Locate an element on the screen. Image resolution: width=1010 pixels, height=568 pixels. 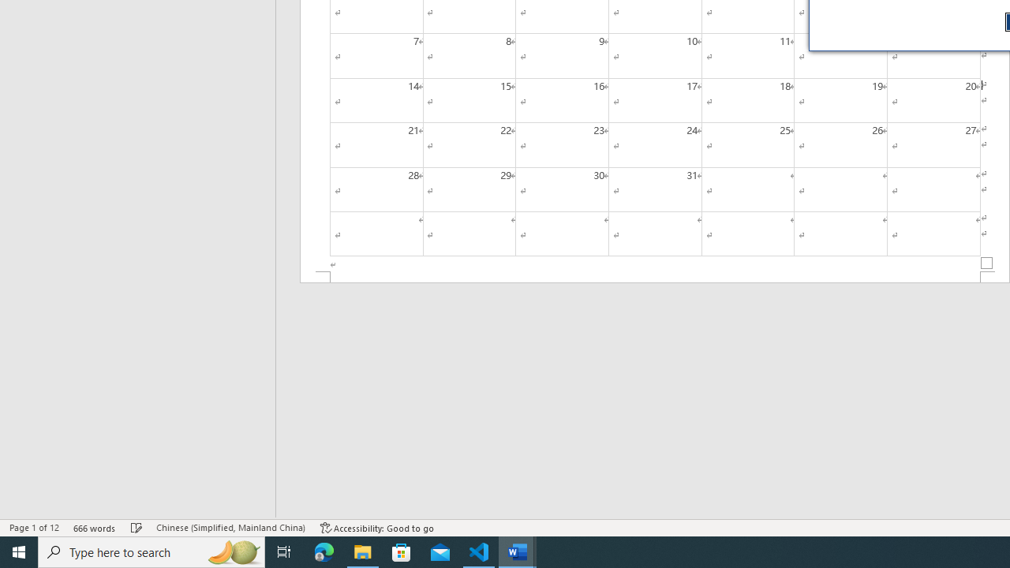
'Microsoft Store' is located at coordinates (402, 551).